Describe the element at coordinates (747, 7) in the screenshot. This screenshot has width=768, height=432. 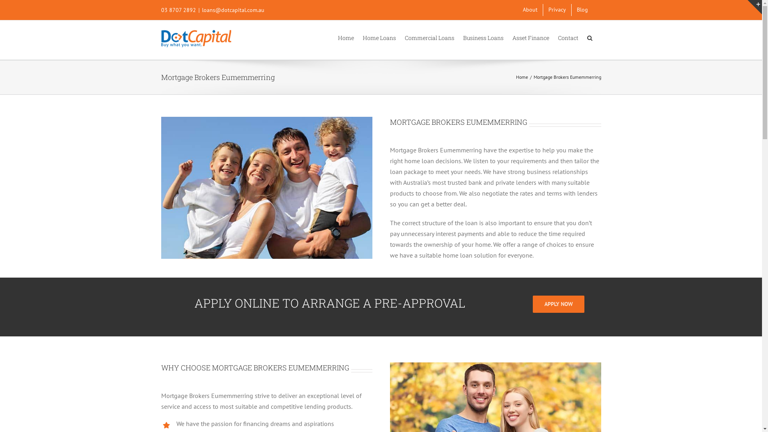
I see `'Toggle Sliding Bar Area'` at that location.